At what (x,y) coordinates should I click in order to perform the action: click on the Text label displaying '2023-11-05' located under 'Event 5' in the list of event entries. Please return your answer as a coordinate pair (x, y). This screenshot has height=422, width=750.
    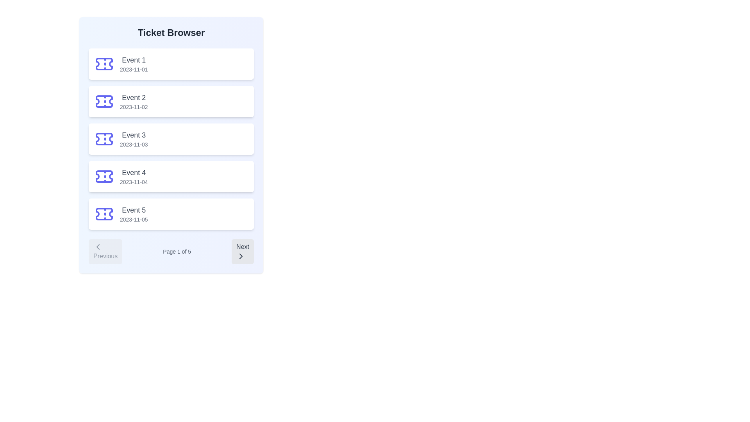
    Looking at the image, I should click on (134, 220).